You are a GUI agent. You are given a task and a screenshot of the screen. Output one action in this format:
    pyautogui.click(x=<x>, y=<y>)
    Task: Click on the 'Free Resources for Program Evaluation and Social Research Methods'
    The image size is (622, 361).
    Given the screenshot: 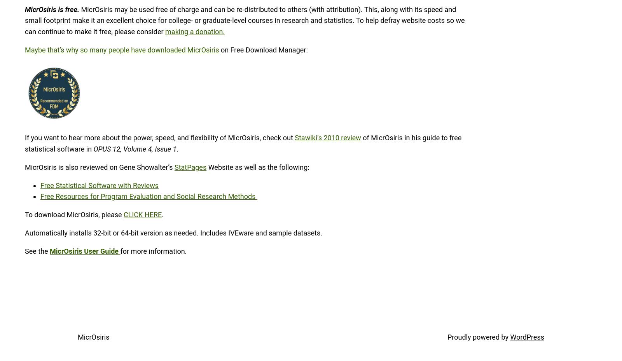 What is the action you would take?
    pyautogui.click(x=149, y=196)
    